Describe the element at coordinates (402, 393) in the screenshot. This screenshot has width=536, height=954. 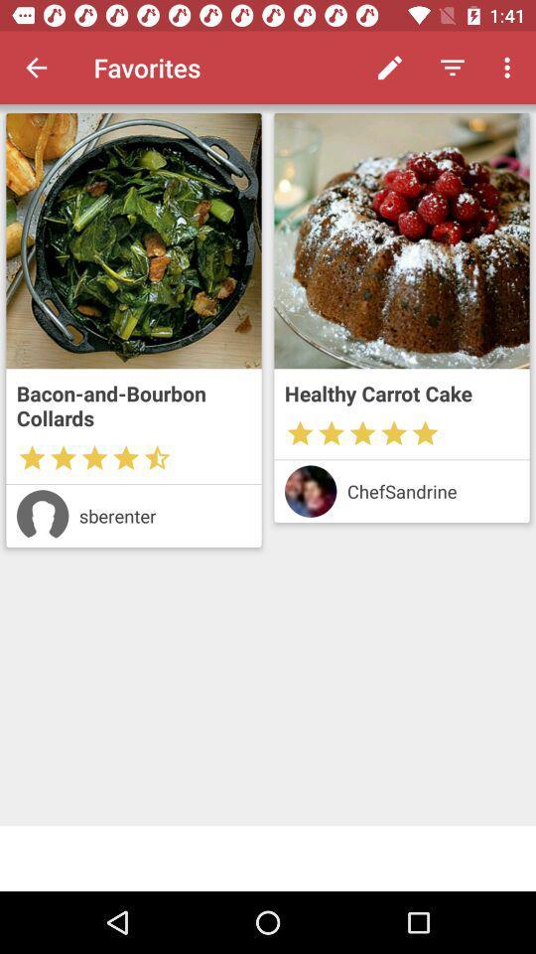
I see `the healthy carrot cake` at that location.